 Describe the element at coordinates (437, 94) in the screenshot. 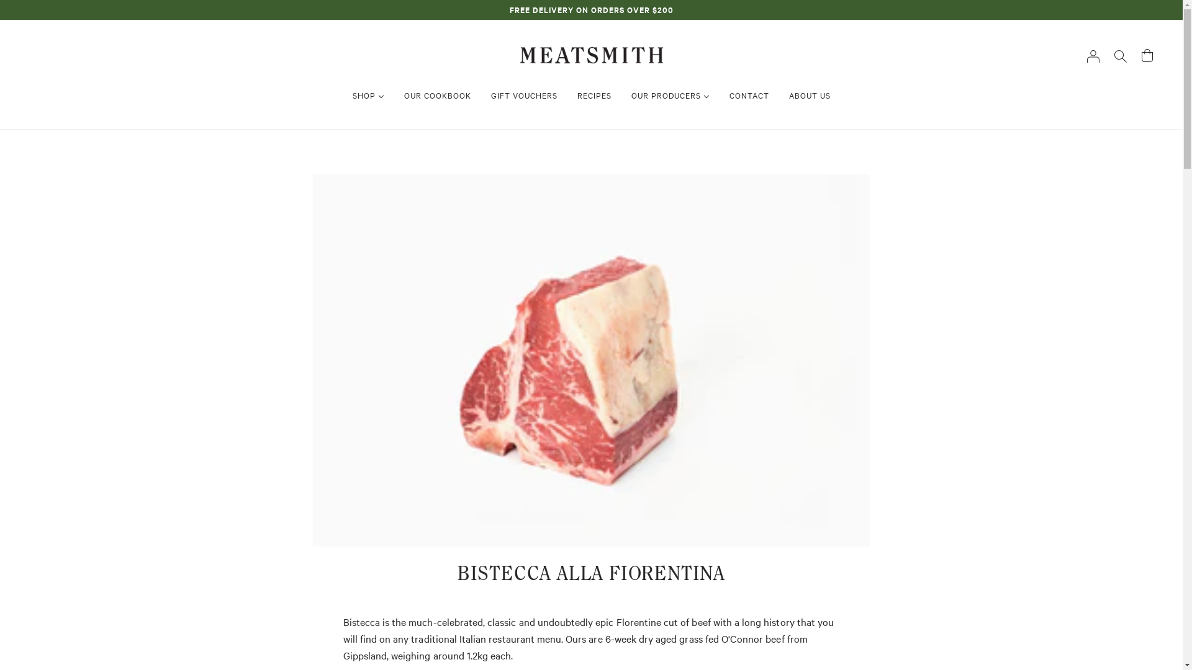

I see `'OUR COOKBOOK'` at that location.